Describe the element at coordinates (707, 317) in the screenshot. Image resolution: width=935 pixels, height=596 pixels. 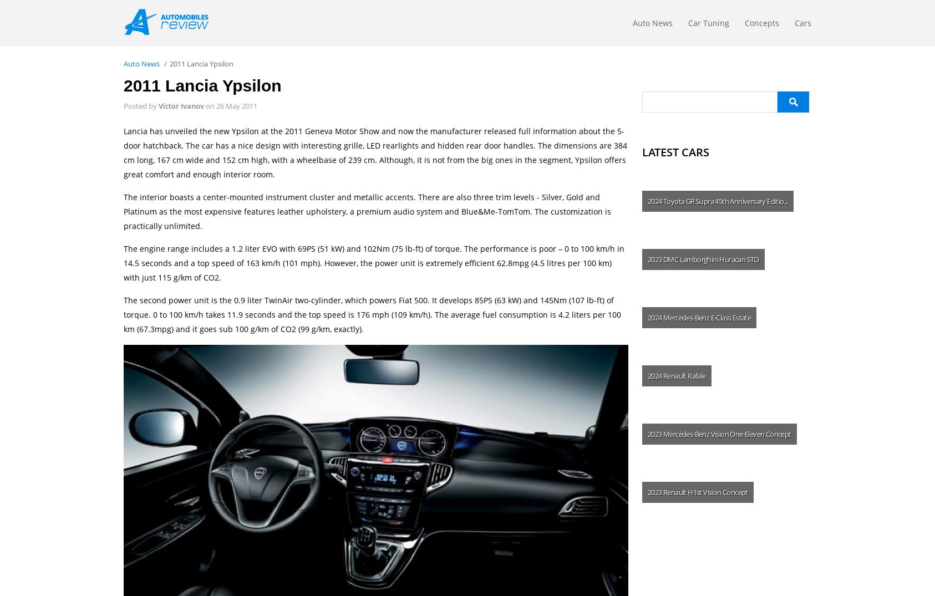
I see `'Mercedes-Benz E-Class Estate'` at that location.